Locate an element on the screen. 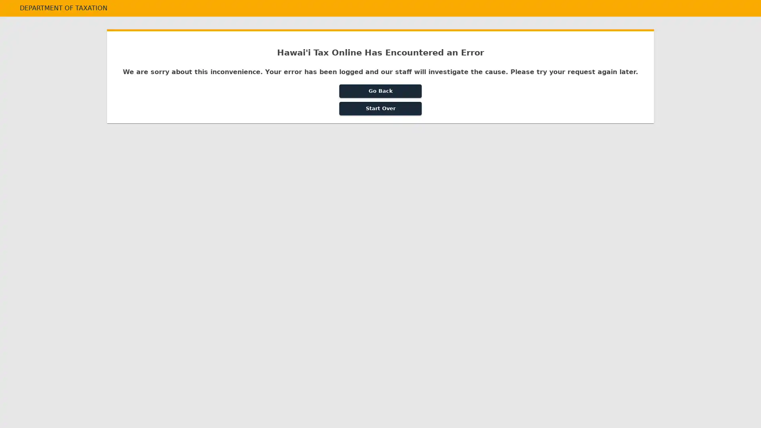  Start Over is located at coordinates (380, 108).